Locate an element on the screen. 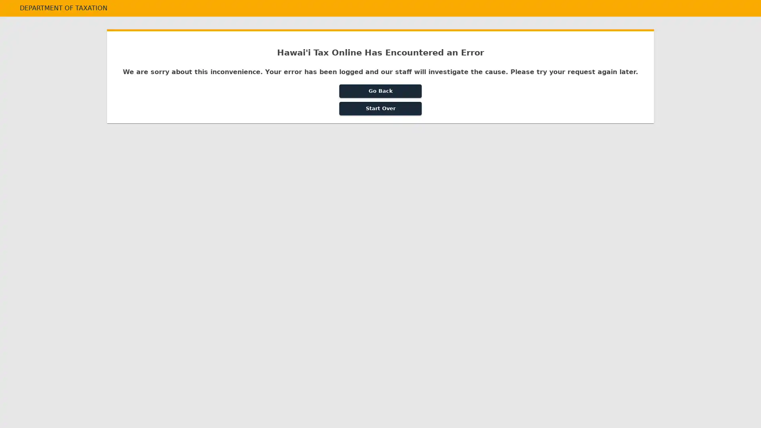  Start Over is located at coordinates (380, 108).